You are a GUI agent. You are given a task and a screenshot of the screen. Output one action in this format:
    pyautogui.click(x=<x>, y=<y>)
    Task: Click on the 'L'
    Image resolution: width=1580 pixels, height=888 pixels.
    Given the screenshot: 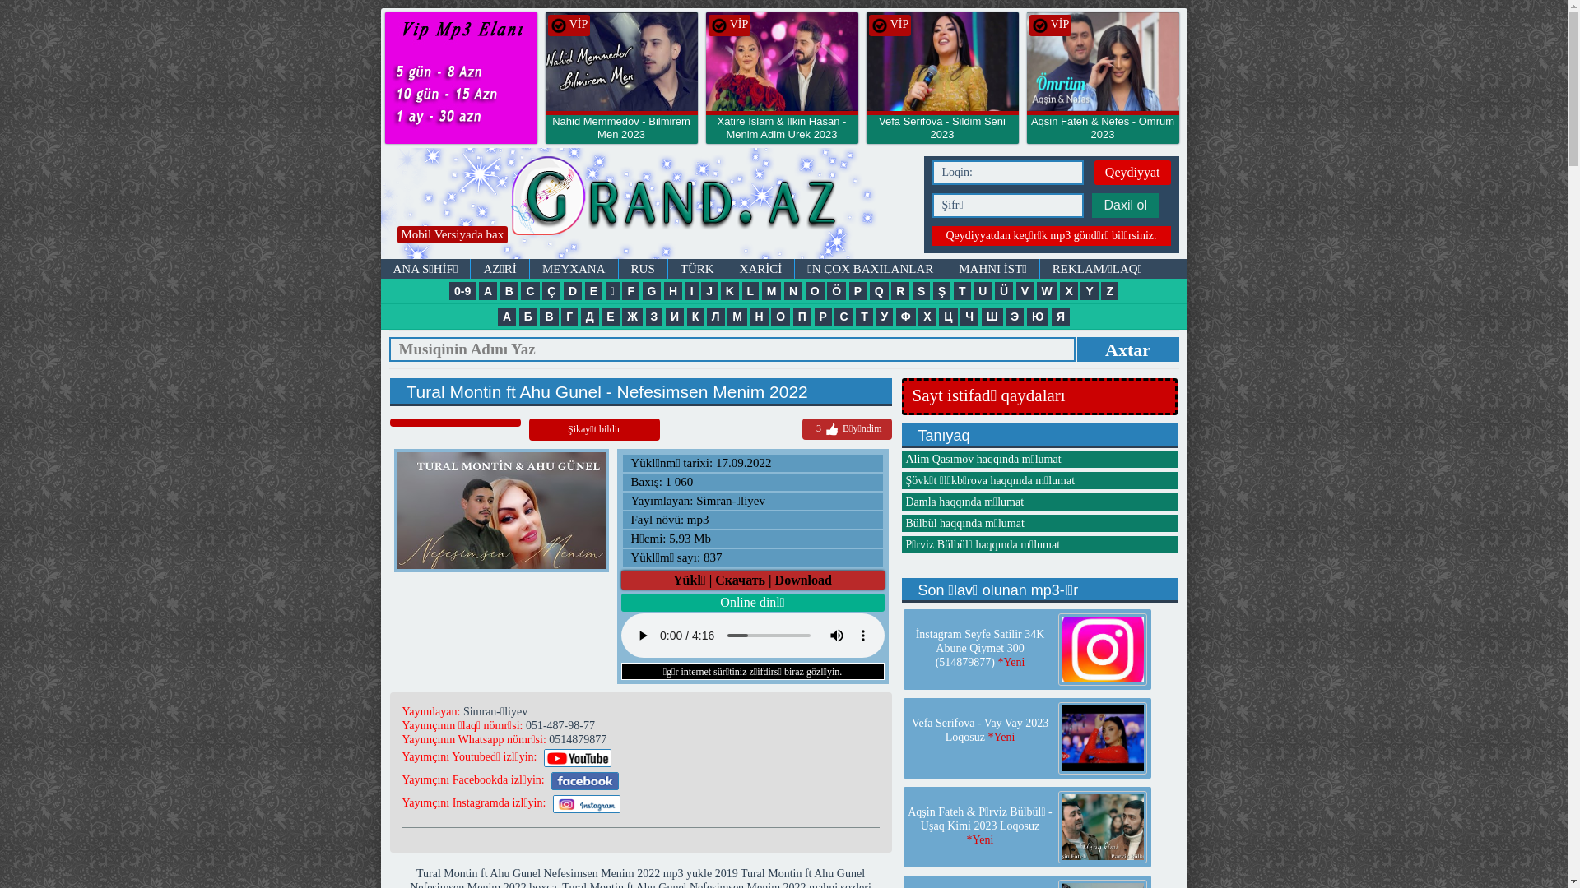 What is the action you would take?
    pyautogui.click(x=750, y=290)
    